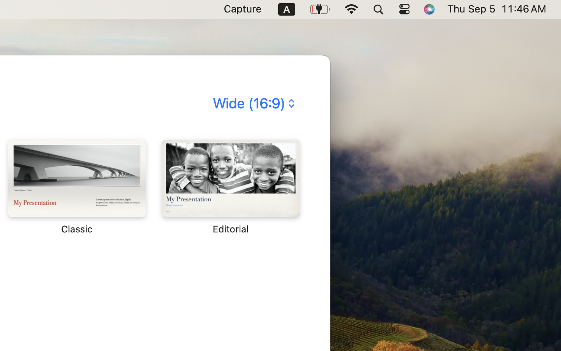  What do you see at coordinates (230, 186) in the screenshot?
I see `'‎⁨Editorial⁩'` at bounding box center [230, 186].